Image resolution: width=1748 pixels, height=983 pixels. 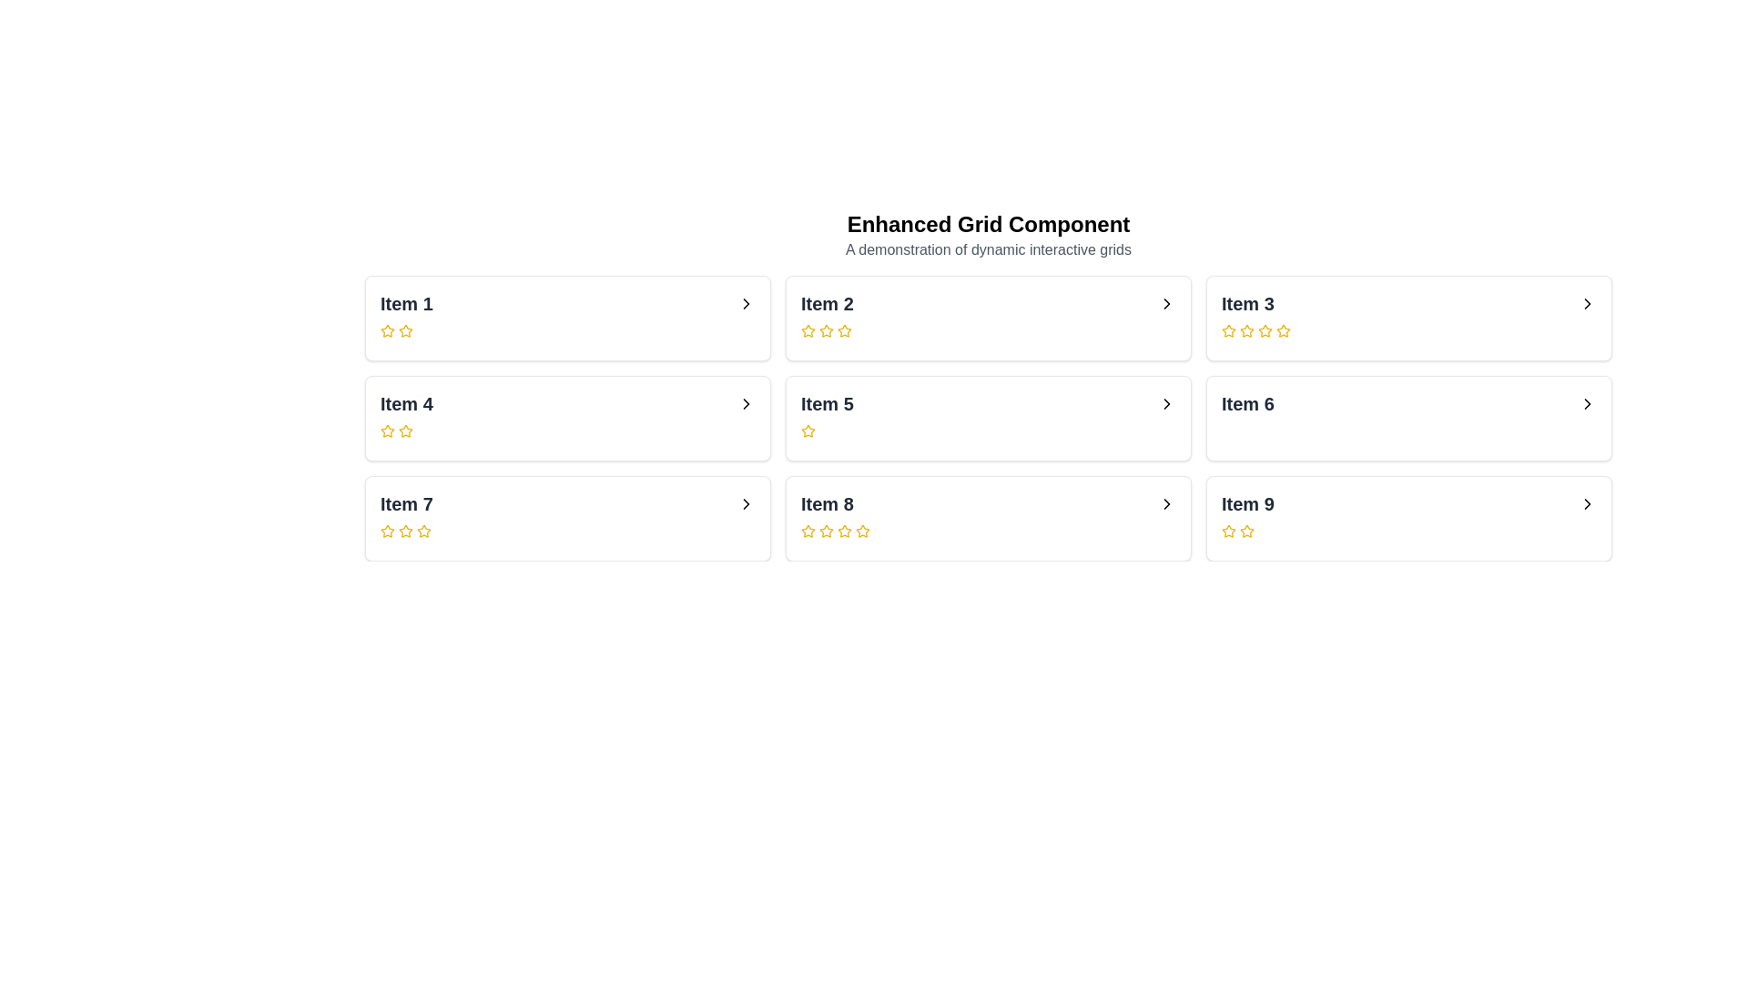 I want to click on the fifth star icon for rating associated with 'Item 7', so click(x=422, y=531).